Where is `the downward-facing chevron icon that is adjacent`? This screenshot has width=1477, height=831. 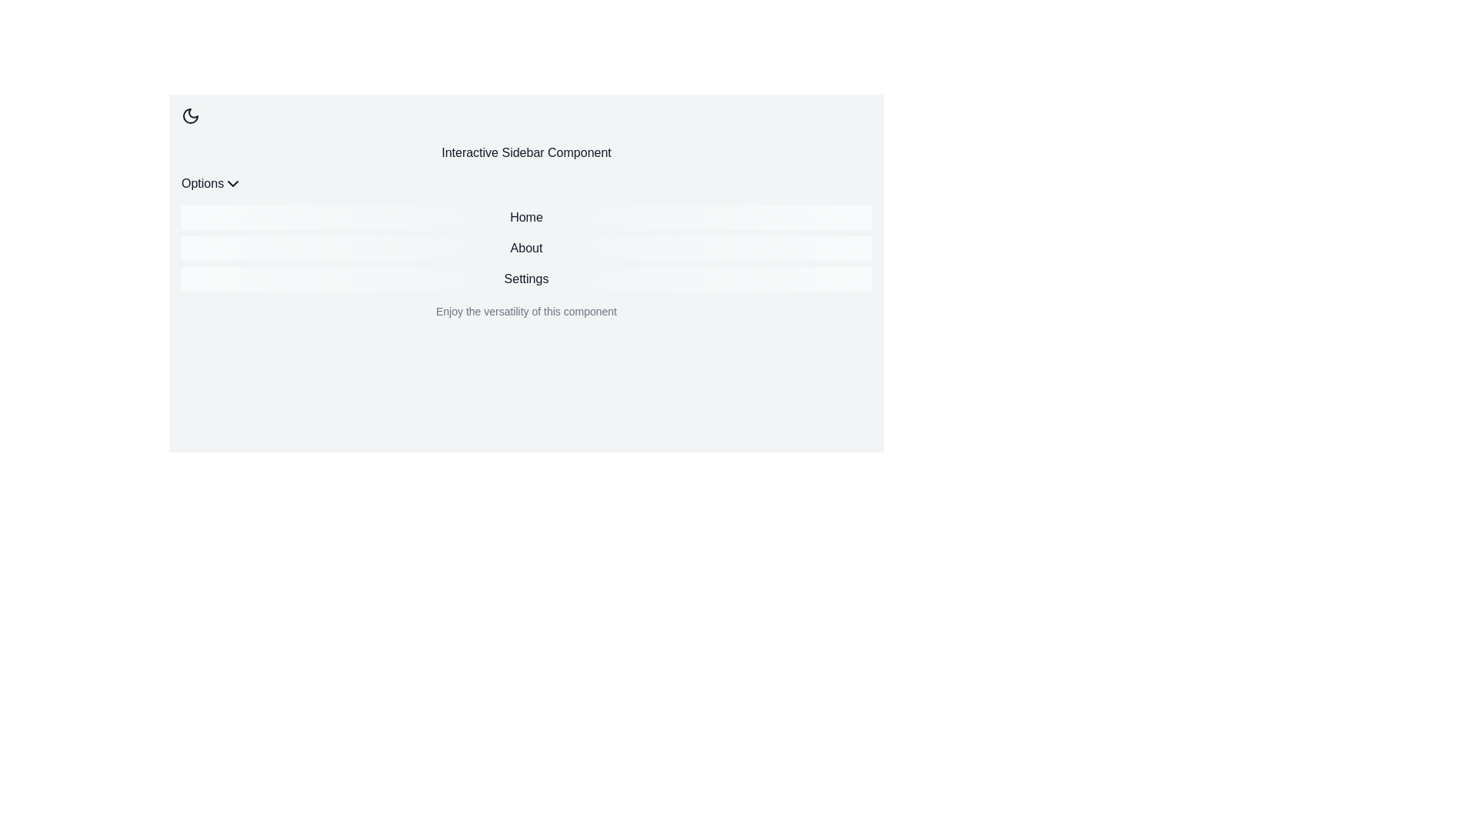
the downward-facing chevron icon that is adjacent is located at coordinates (232, 183).